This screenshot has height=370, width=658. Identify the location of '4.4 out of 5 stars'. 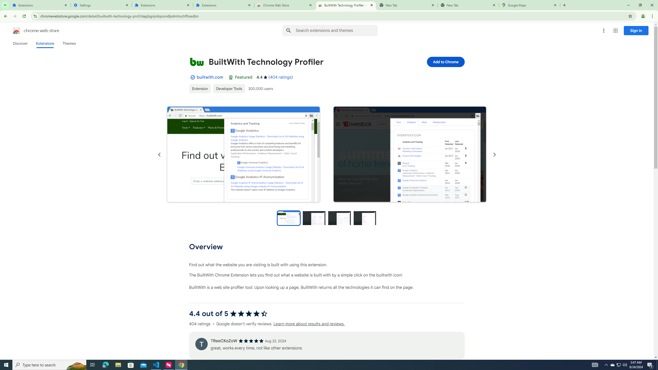
(248, 313).